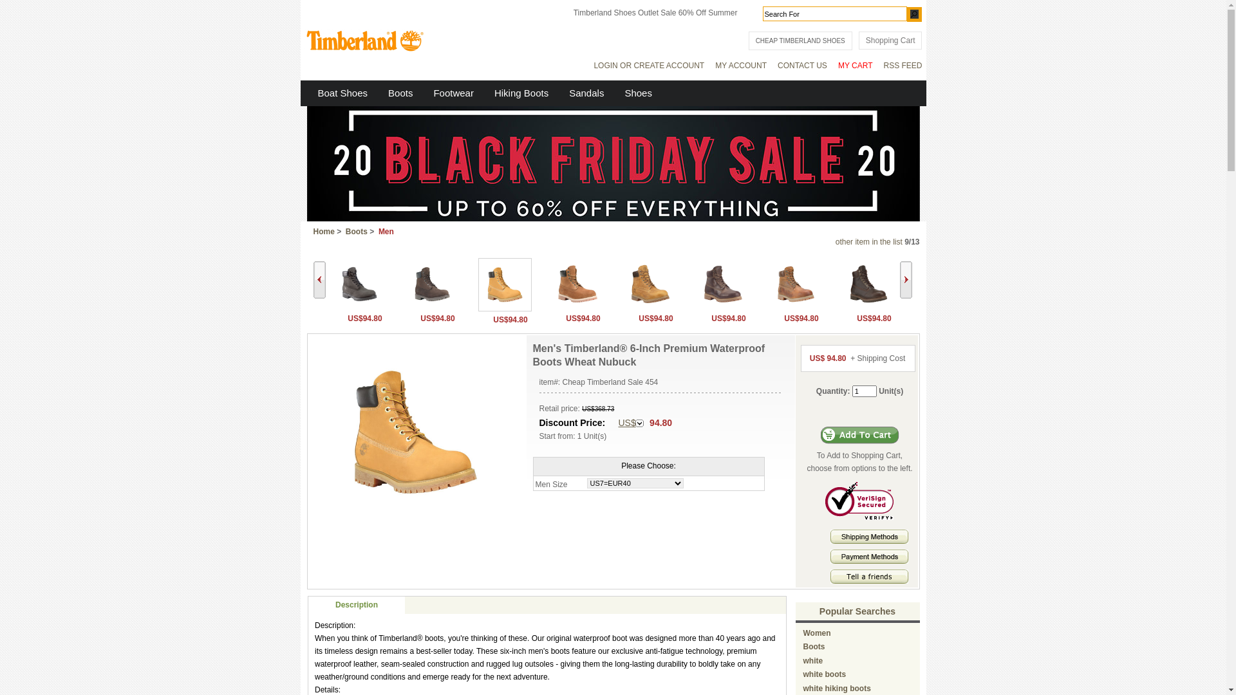 Image resolution: width=1236 pixels, height=695 pixels. Describe the element at coordinates (323, 230) in the screenshot. I see `'Home'` at that location.